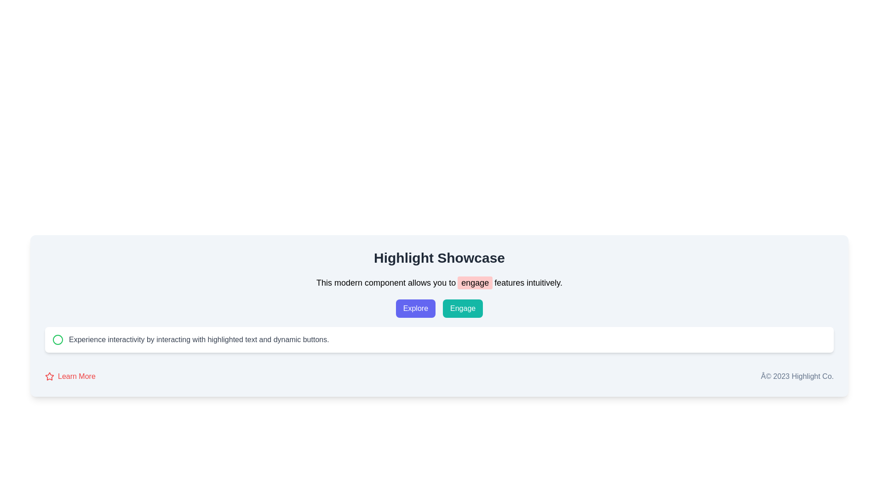 Image resolution: width=883 pixels, height=496 pixels. What do you see at coordinates (49, 377) in the screenshot?
I see `the star icon which is the leftmost element in the group containing the 'Learn More' text, located at the bottom-left corner of the interface` at bounding box center [49, 377].